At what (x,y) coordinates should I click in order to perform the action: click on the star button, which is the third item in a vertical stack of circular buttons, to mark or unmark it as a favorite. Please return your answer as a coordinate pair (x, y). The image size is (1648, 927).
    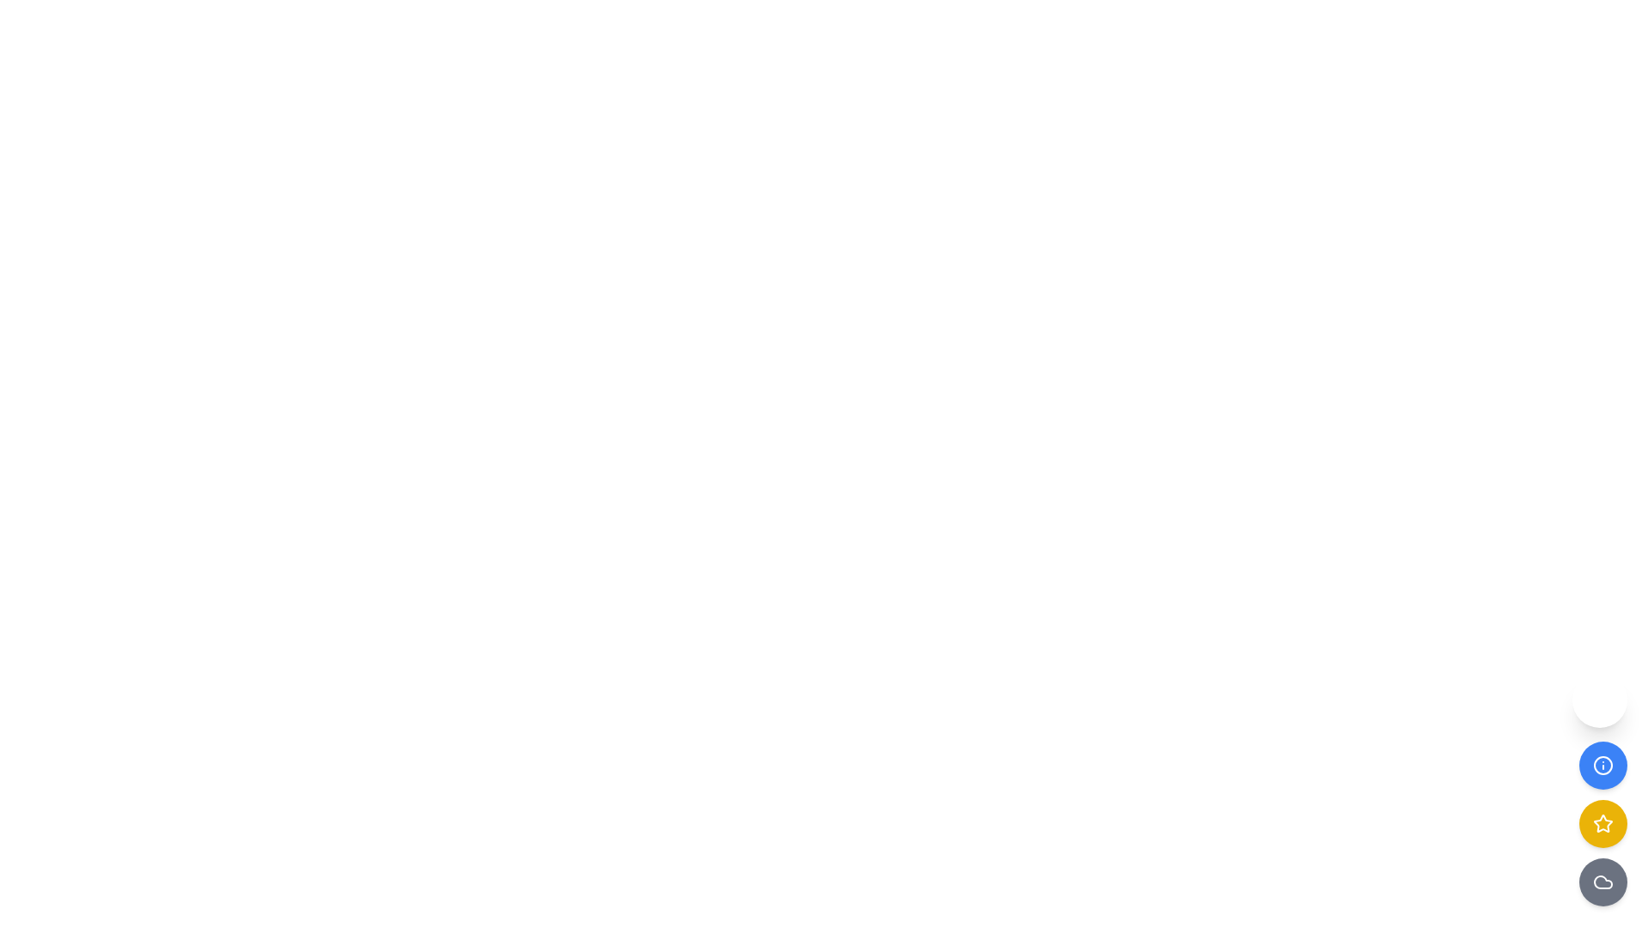
    Looking at the image, I should click on (1602, 823).